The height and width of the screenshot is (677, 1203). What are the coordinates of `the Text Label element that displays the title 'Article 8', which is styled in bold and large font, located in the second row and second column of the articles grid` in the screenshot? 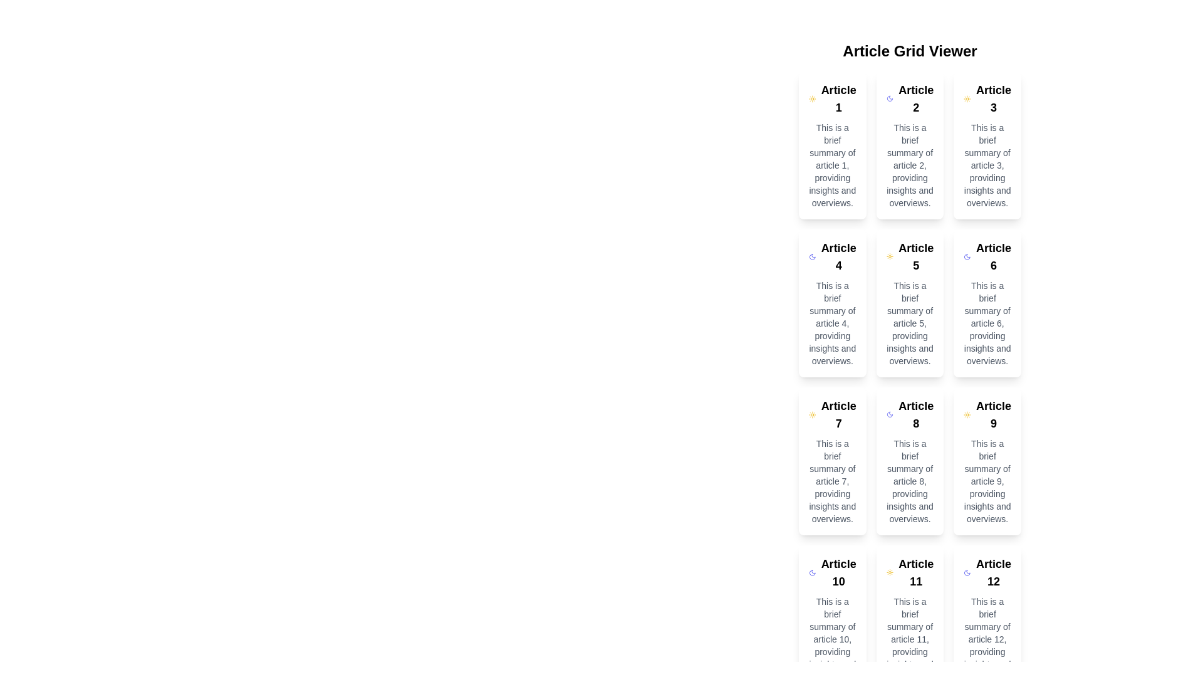 It's located at (916, 415).